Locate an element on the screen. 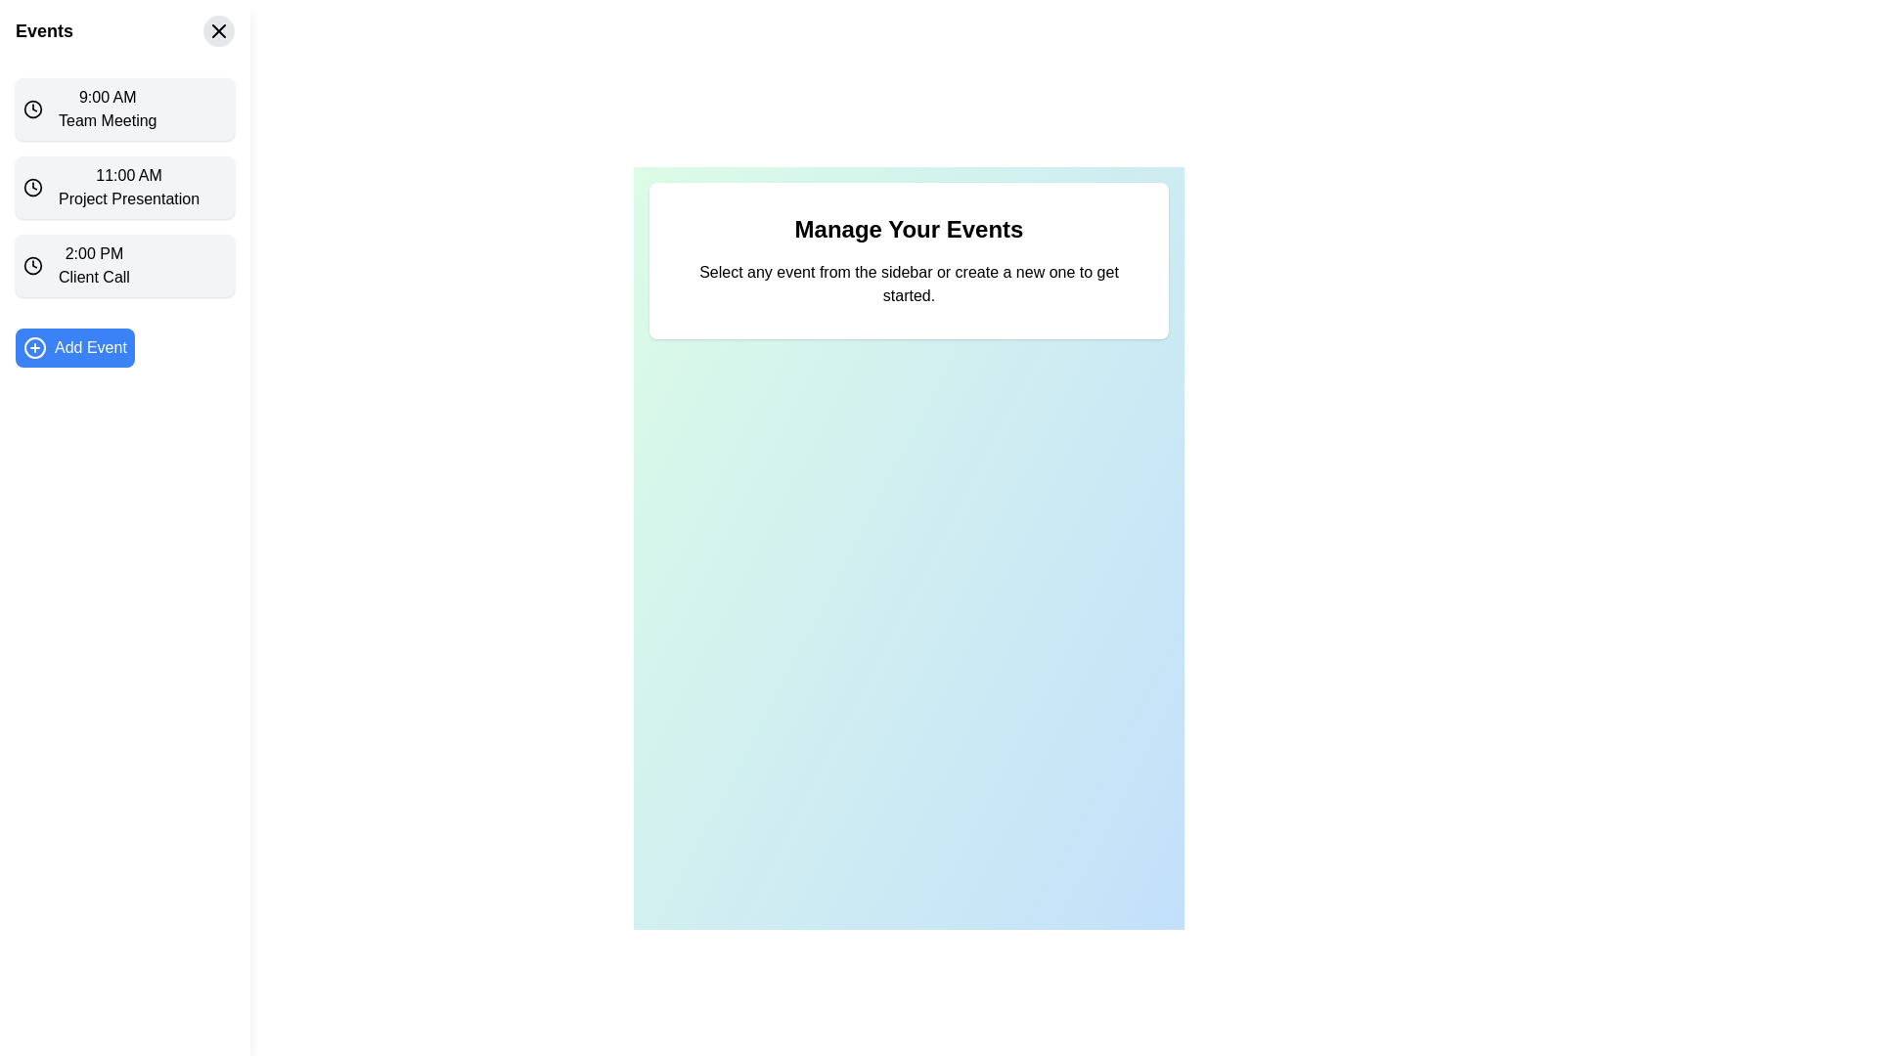  the Text Label that displays the title or description of the event occurring at 11:00 AM, which is located directly underneath the '11:00 AM' time label is located at coordinates (128, 199).